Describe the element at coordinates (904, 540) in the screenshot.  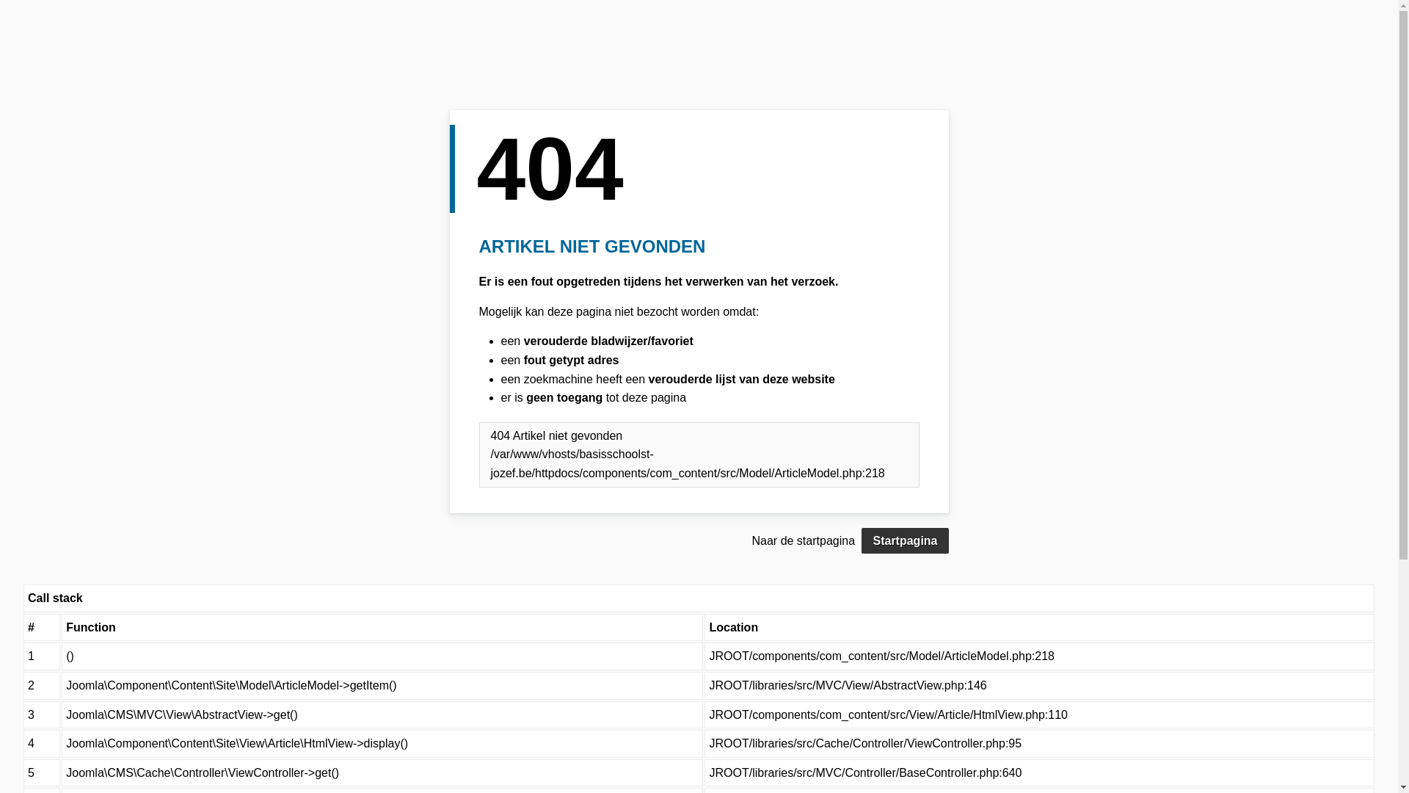
I see `'Startpagina'` at that location.